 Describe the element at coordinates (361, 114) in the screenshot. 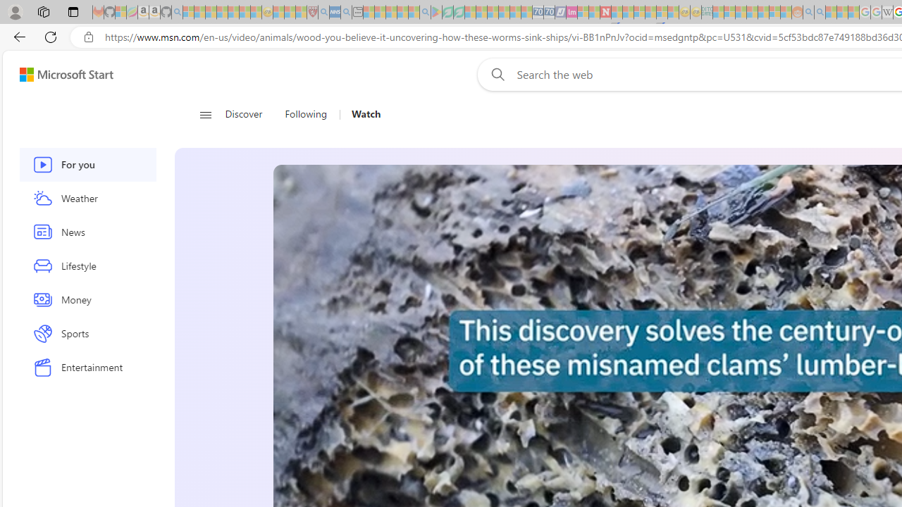

I see `'Watch'` at that location.